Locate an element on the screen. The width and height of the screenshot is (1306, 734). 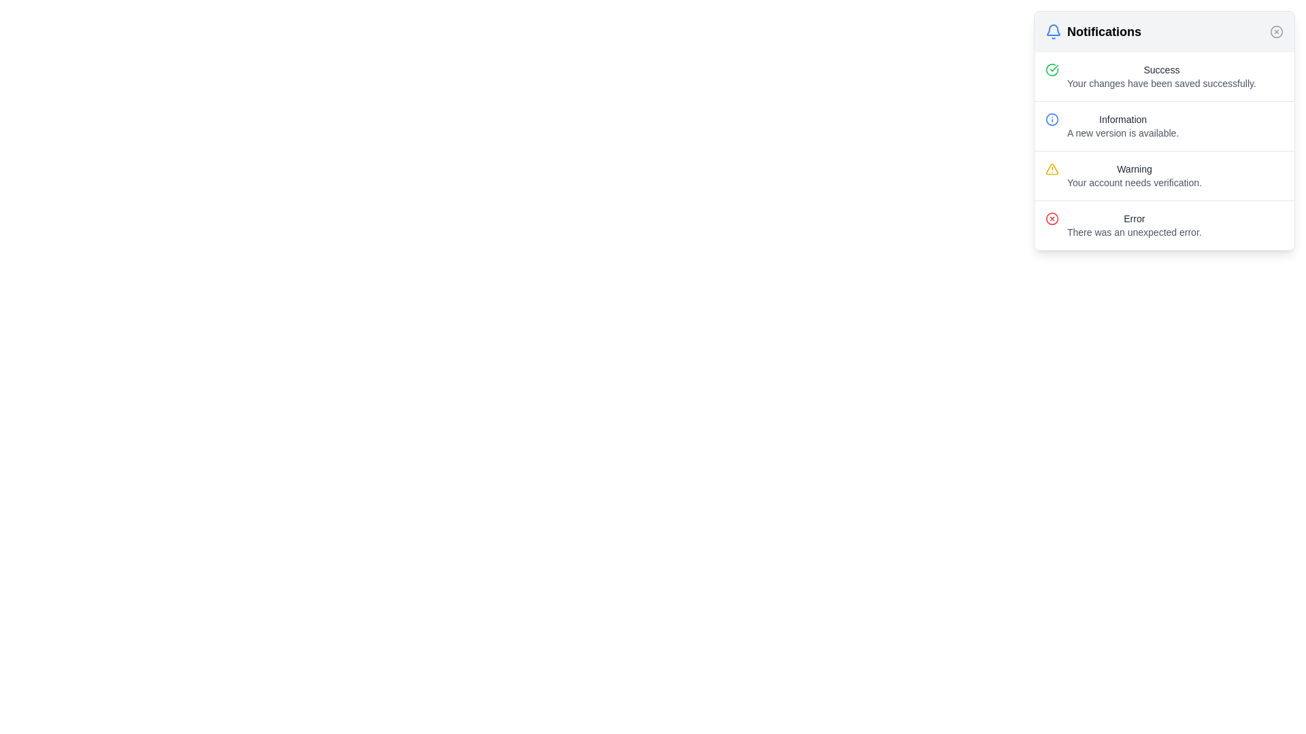
text label that displays 'Your account needs verification.' located within the notification card under the 'Warning' header is located at coordinates (1134, 182).